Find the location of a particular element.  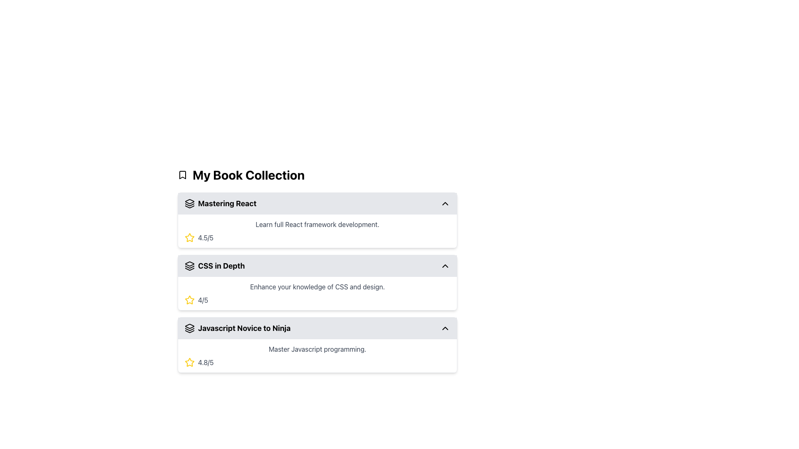

the static text displaying the phrase 'Enhance your knowledge of CSS and design. 4/5' located in the 'CSS in Depth' section of 'My Book Collection' is located at coordinates (317, 293).